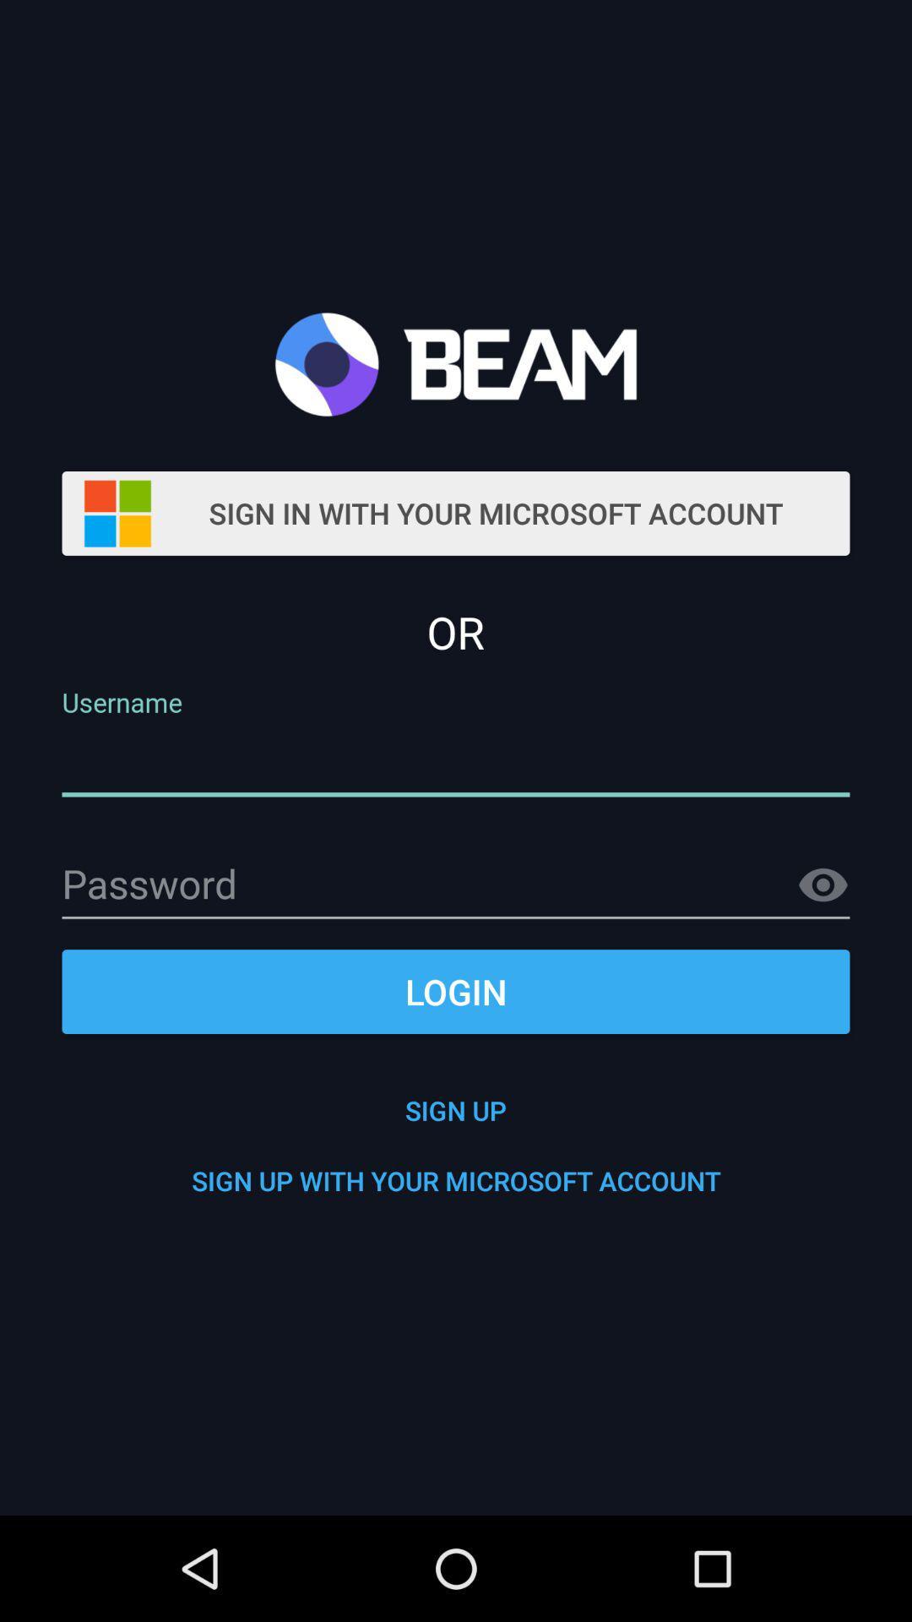 The width and height of the screenshot is (912, 1622). Describe the element at coordinates (456, 761) in the screenshot. I see `username input field` at that location.